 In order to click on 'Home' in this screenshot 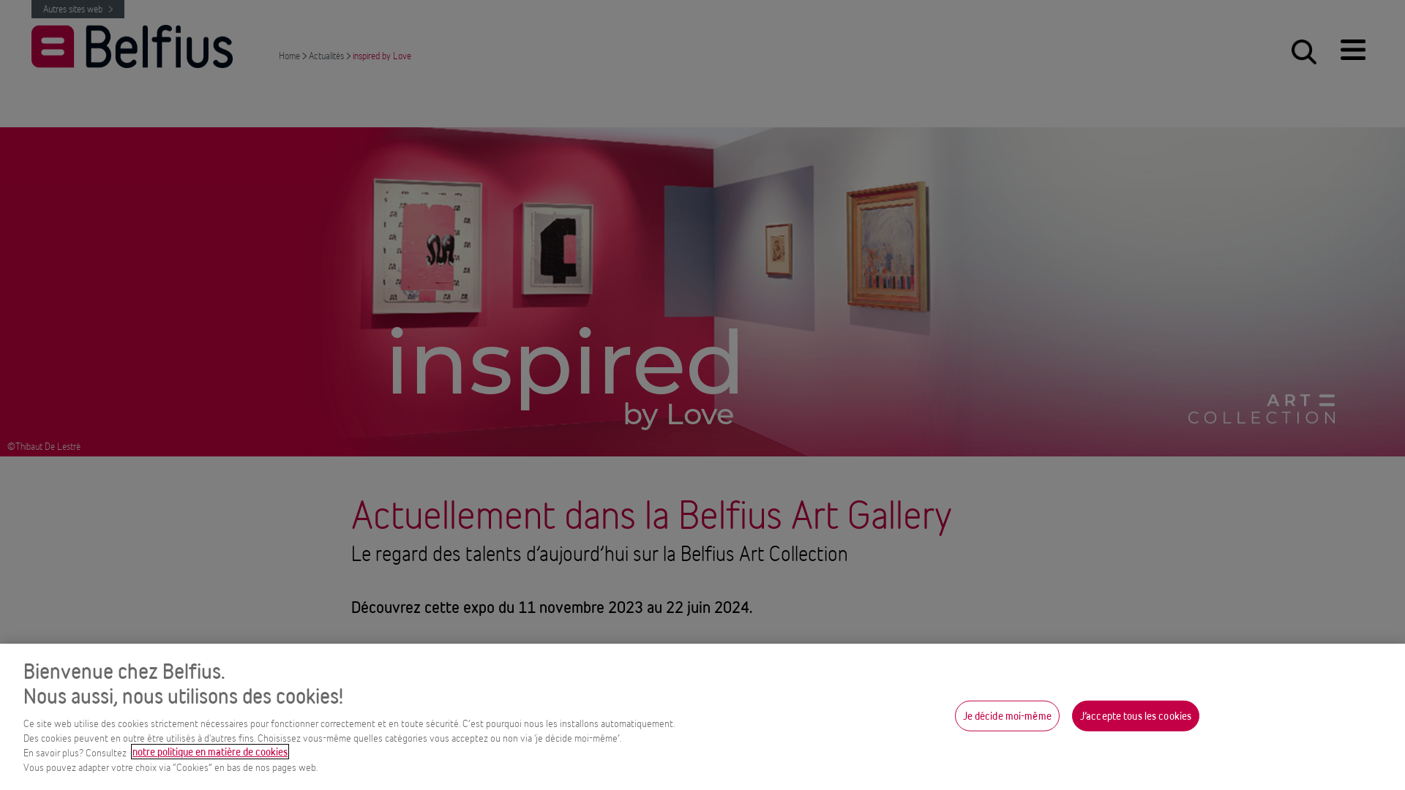, I will do `click(278, 53)`.